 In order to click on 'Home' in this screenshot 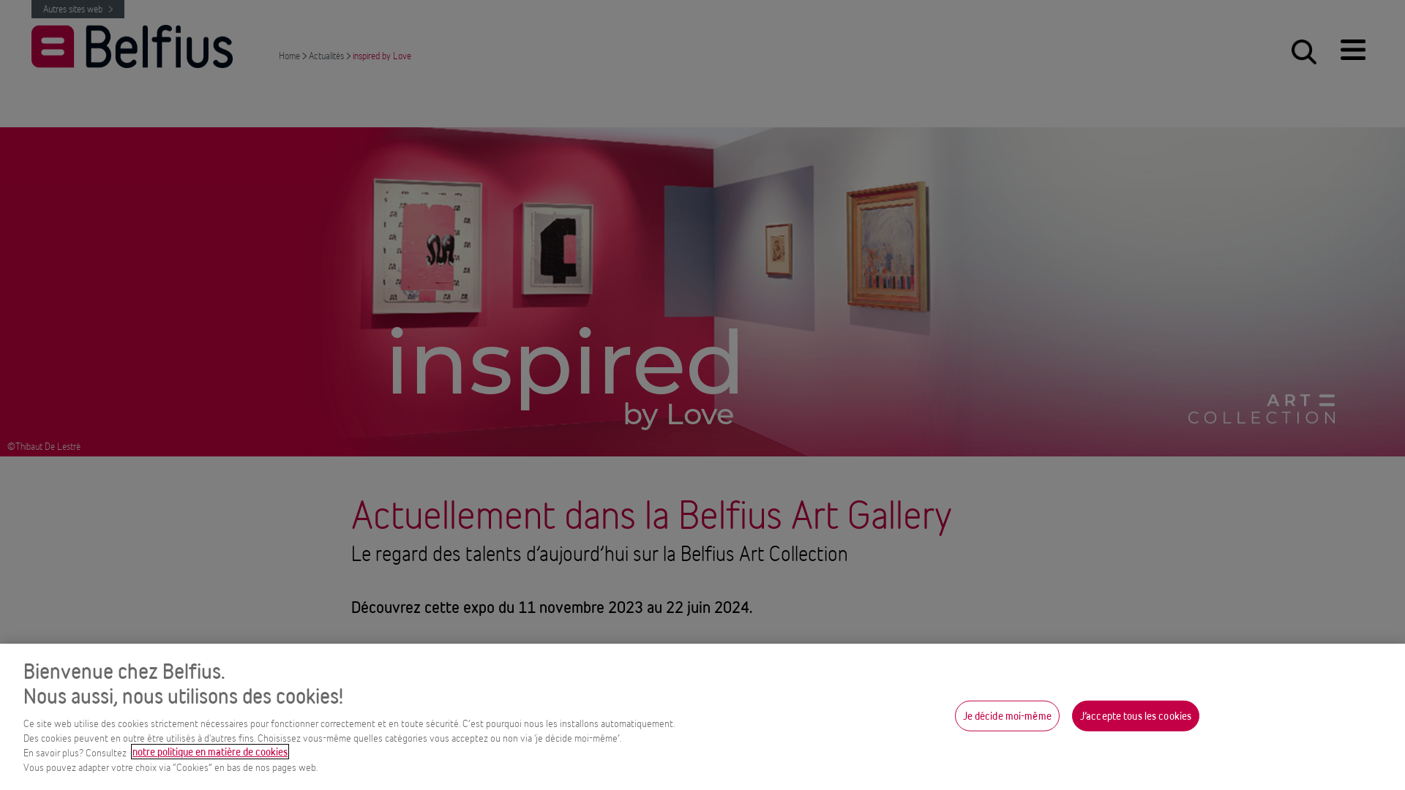, I will do `click(278, 53)`.